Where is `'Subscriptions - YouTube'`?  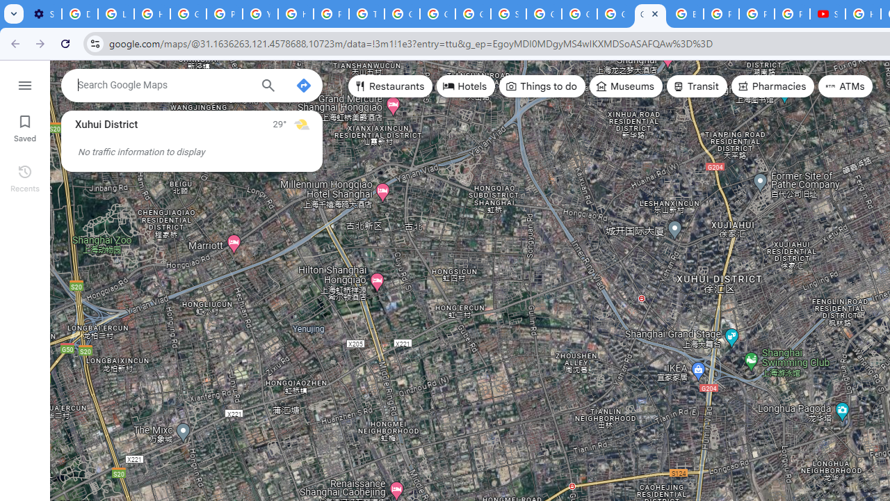 'Subscriptions - YouTube' is located at coordinates (827, 14).